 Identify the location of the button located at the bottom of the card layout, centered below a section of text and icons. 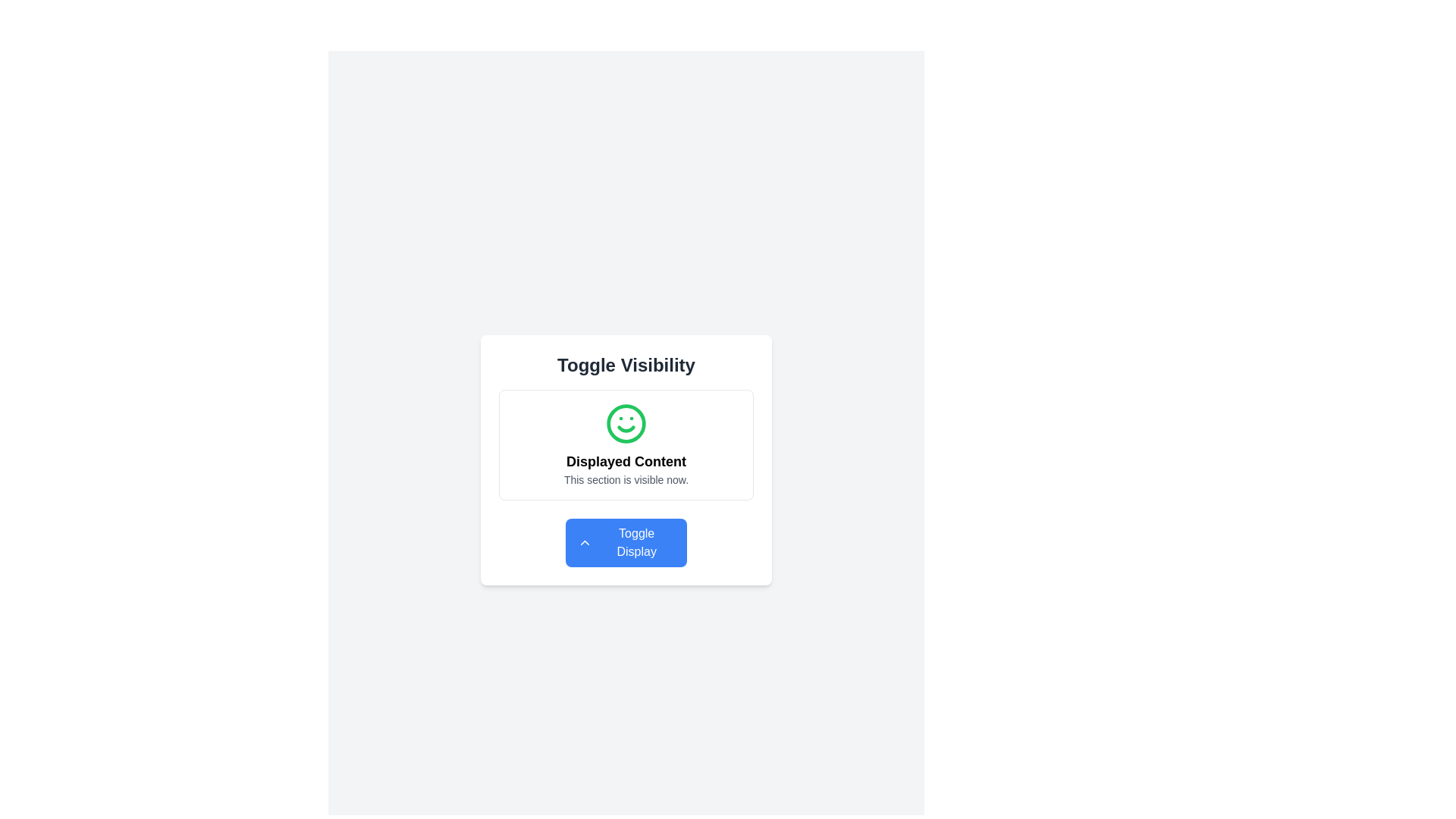
(626, 542).